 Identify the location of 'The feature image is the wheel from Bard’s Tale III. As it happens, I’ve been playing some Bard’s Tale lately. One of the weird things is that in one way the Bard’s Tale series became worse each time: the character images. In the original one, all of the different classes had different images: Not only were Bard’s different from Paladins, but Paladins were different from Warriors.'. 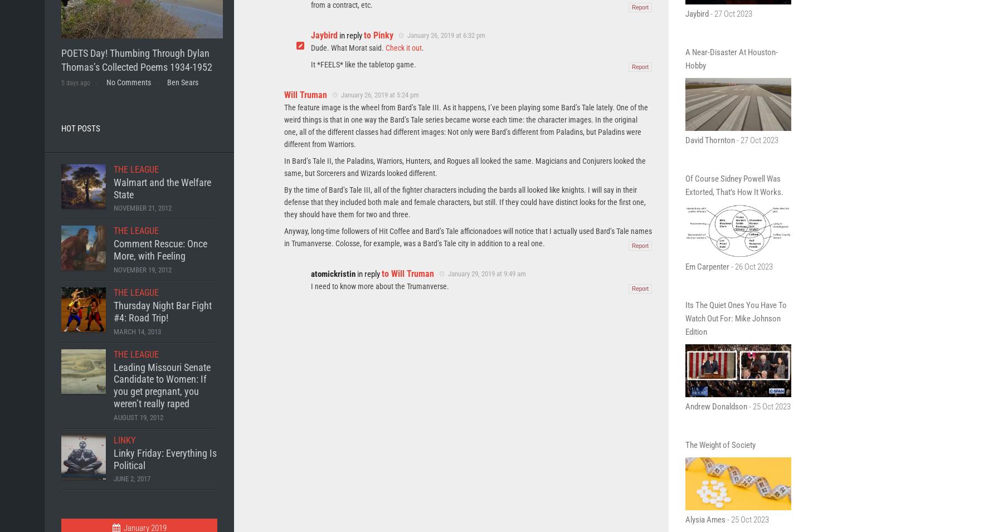
(466, 125).